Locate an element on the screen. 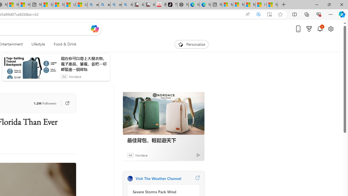 The image size is (348, 196). 'Copilot (Ctrl+Shift+.)' is located at coordinates (342, 14).